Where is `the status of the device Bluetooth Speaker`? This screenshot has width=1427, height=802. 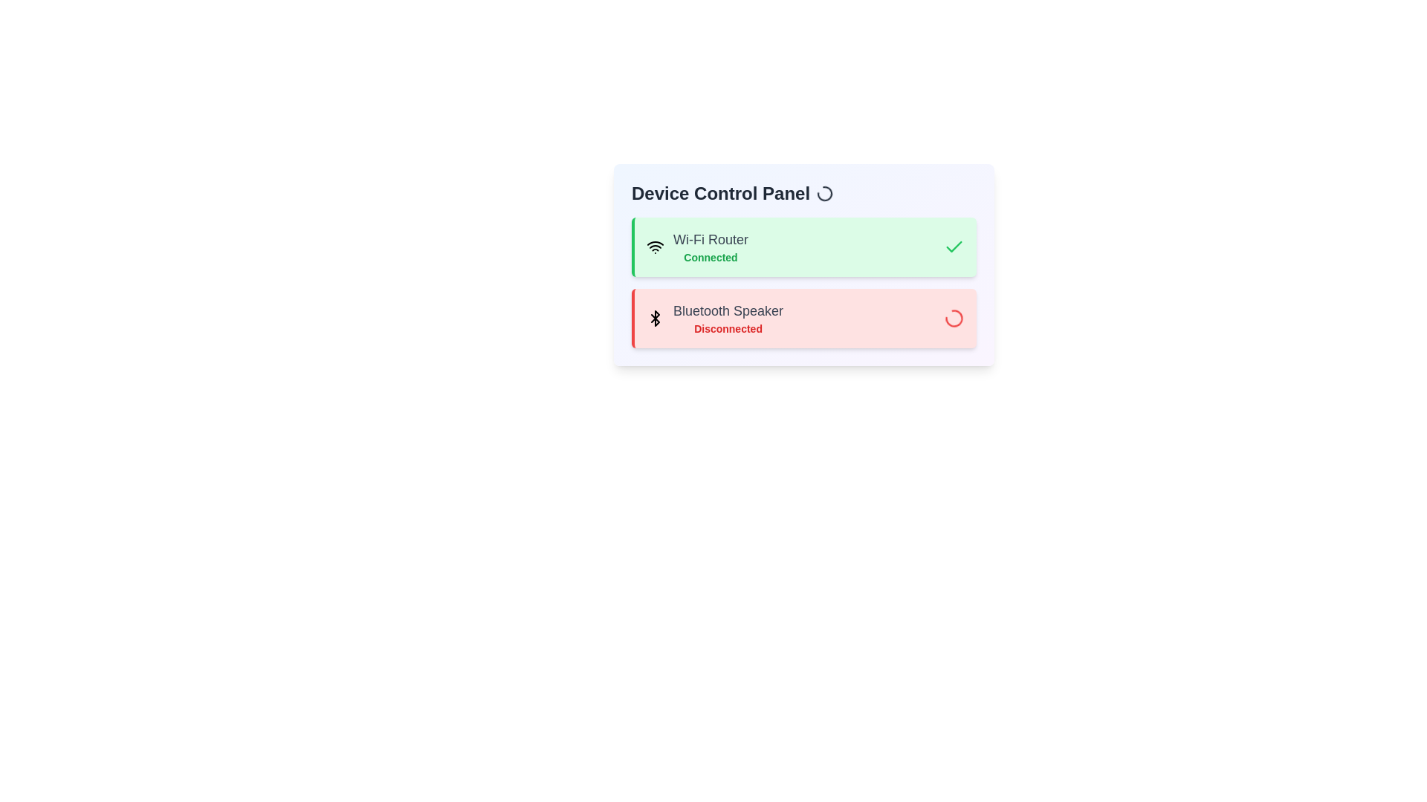
the status of the device Bluetooth Speaker is located at coordinates (803, 317).